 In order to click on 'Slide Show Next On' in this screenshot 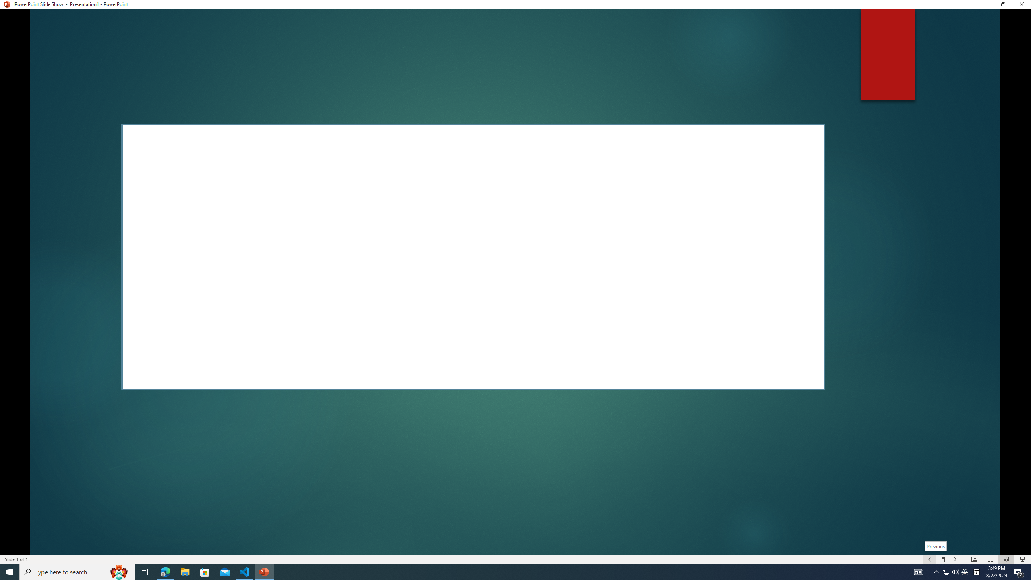, I will do `click(955, 559)`.